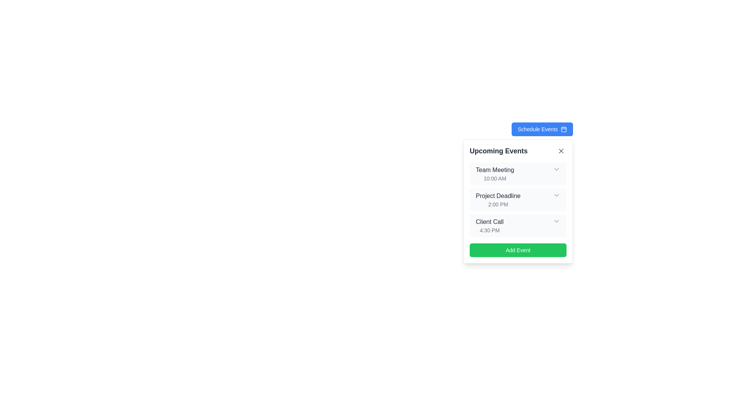  What do you see at coordinates (561, 151) in the screenshot?
I see `the small red 'x' icon at the top-right corner of the 'Upcoming Events' card` at bounding box center [561, 151].